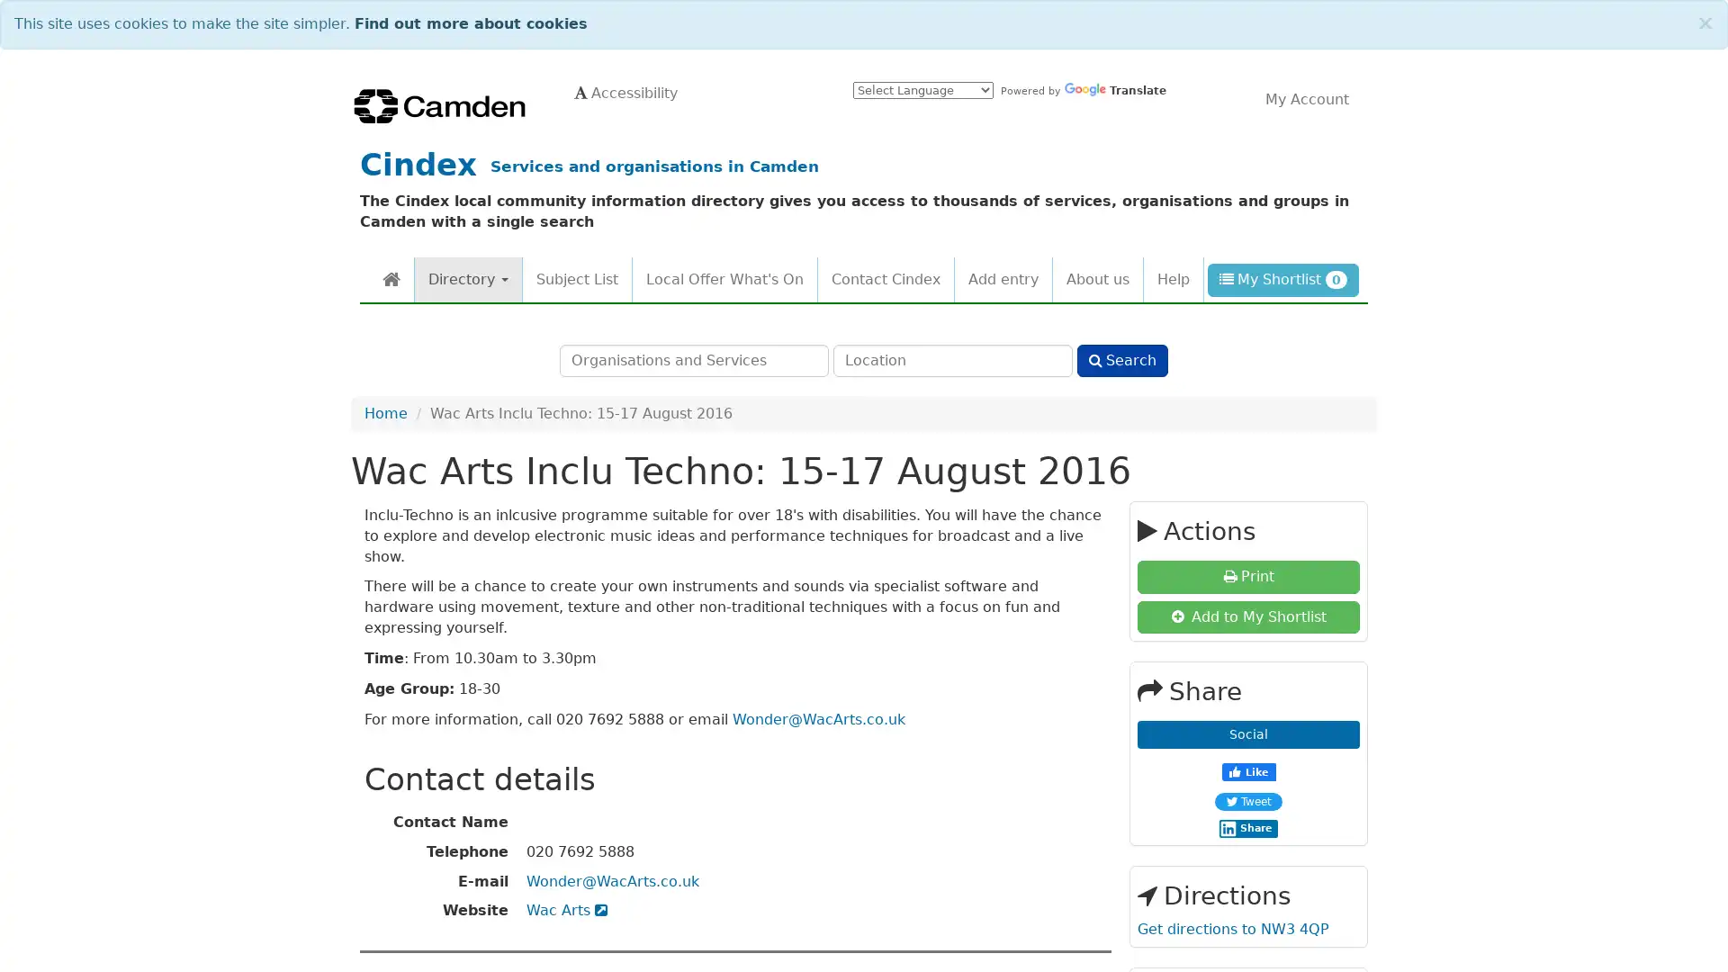 This screenshot has height=972, width=1728. I want to click on Close, so click(1705, 23).